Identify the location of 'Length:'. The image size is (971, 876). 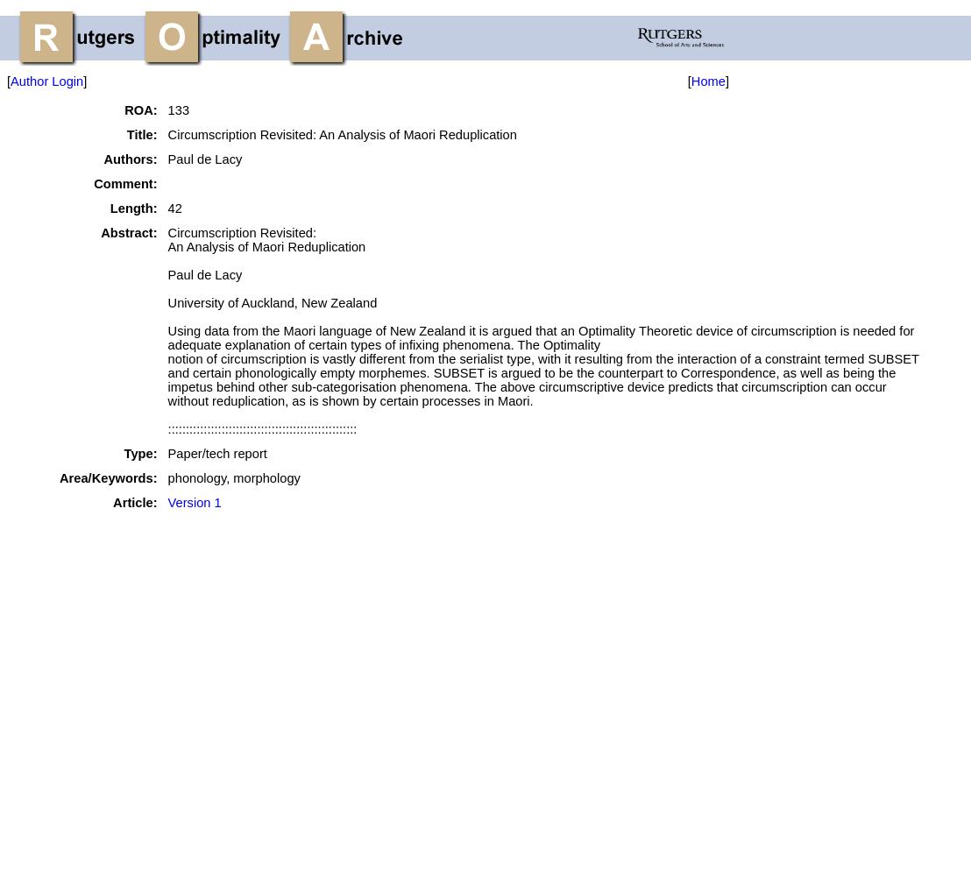
(109, 208).